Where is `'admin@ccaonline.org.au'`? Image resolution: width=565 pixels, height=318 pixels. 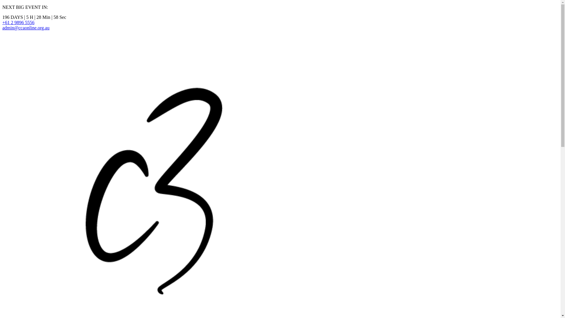 'admin@ccaonline.org.au' is located at coordinates (25, 28).